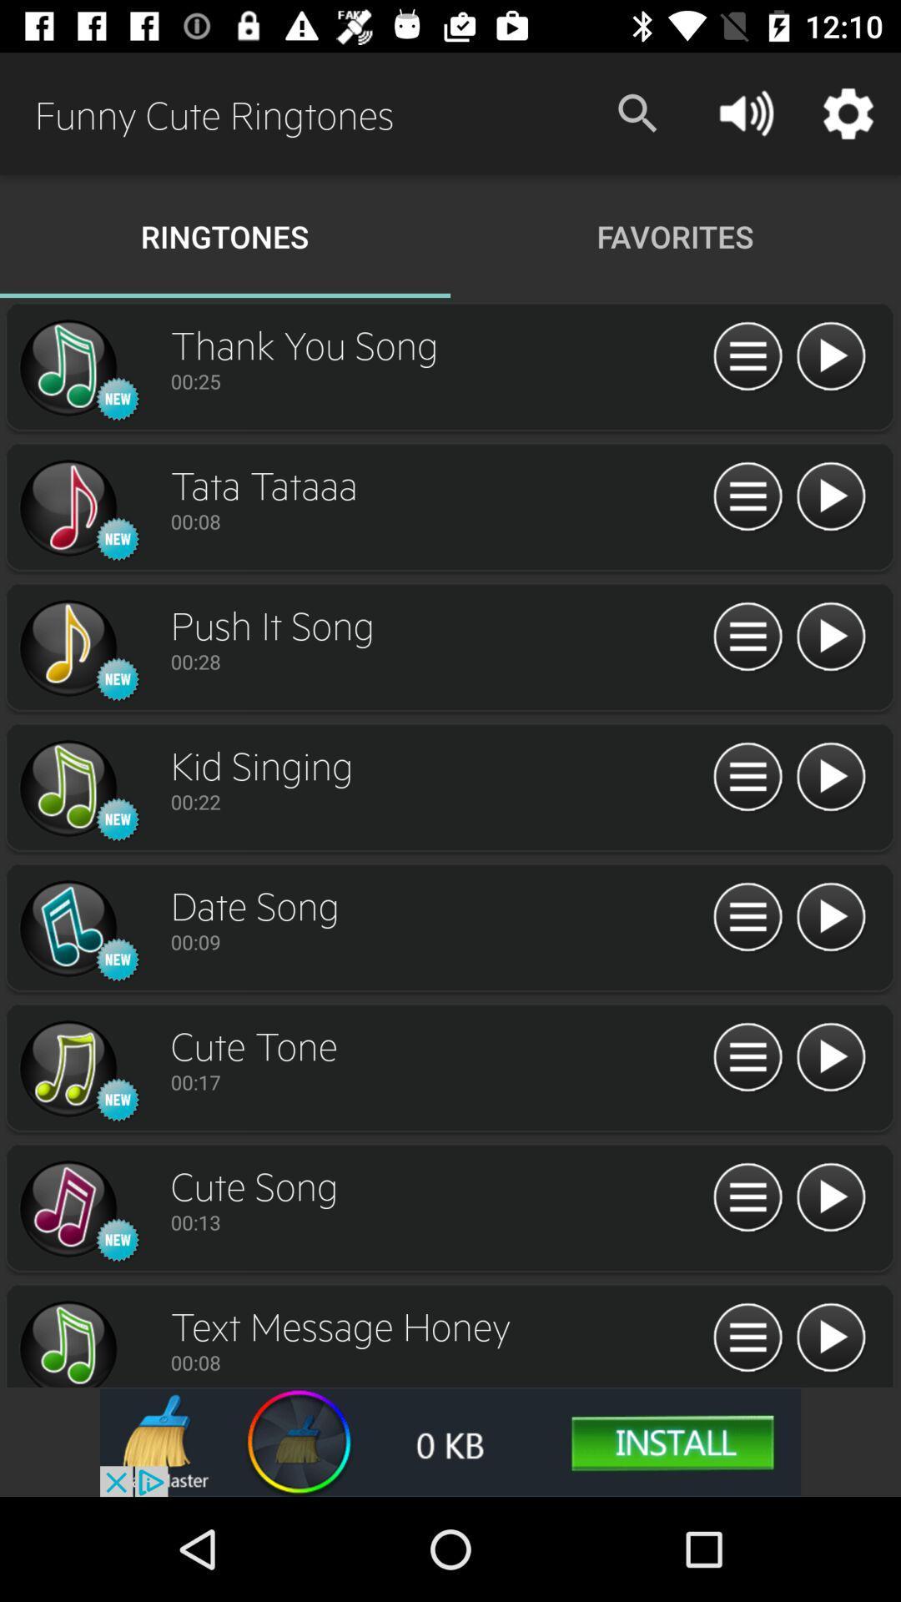 This screenshot has height=1602, width=901. Describe the element at coordinates (830, 496) in the screenshot. I see `the track` at that location.